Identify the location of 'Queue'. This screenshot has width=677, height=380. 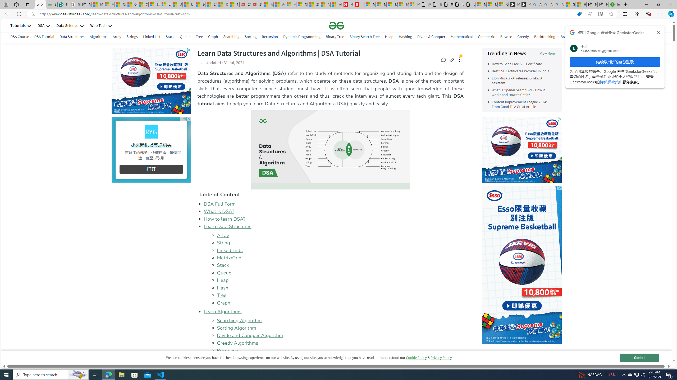
(224, 273).